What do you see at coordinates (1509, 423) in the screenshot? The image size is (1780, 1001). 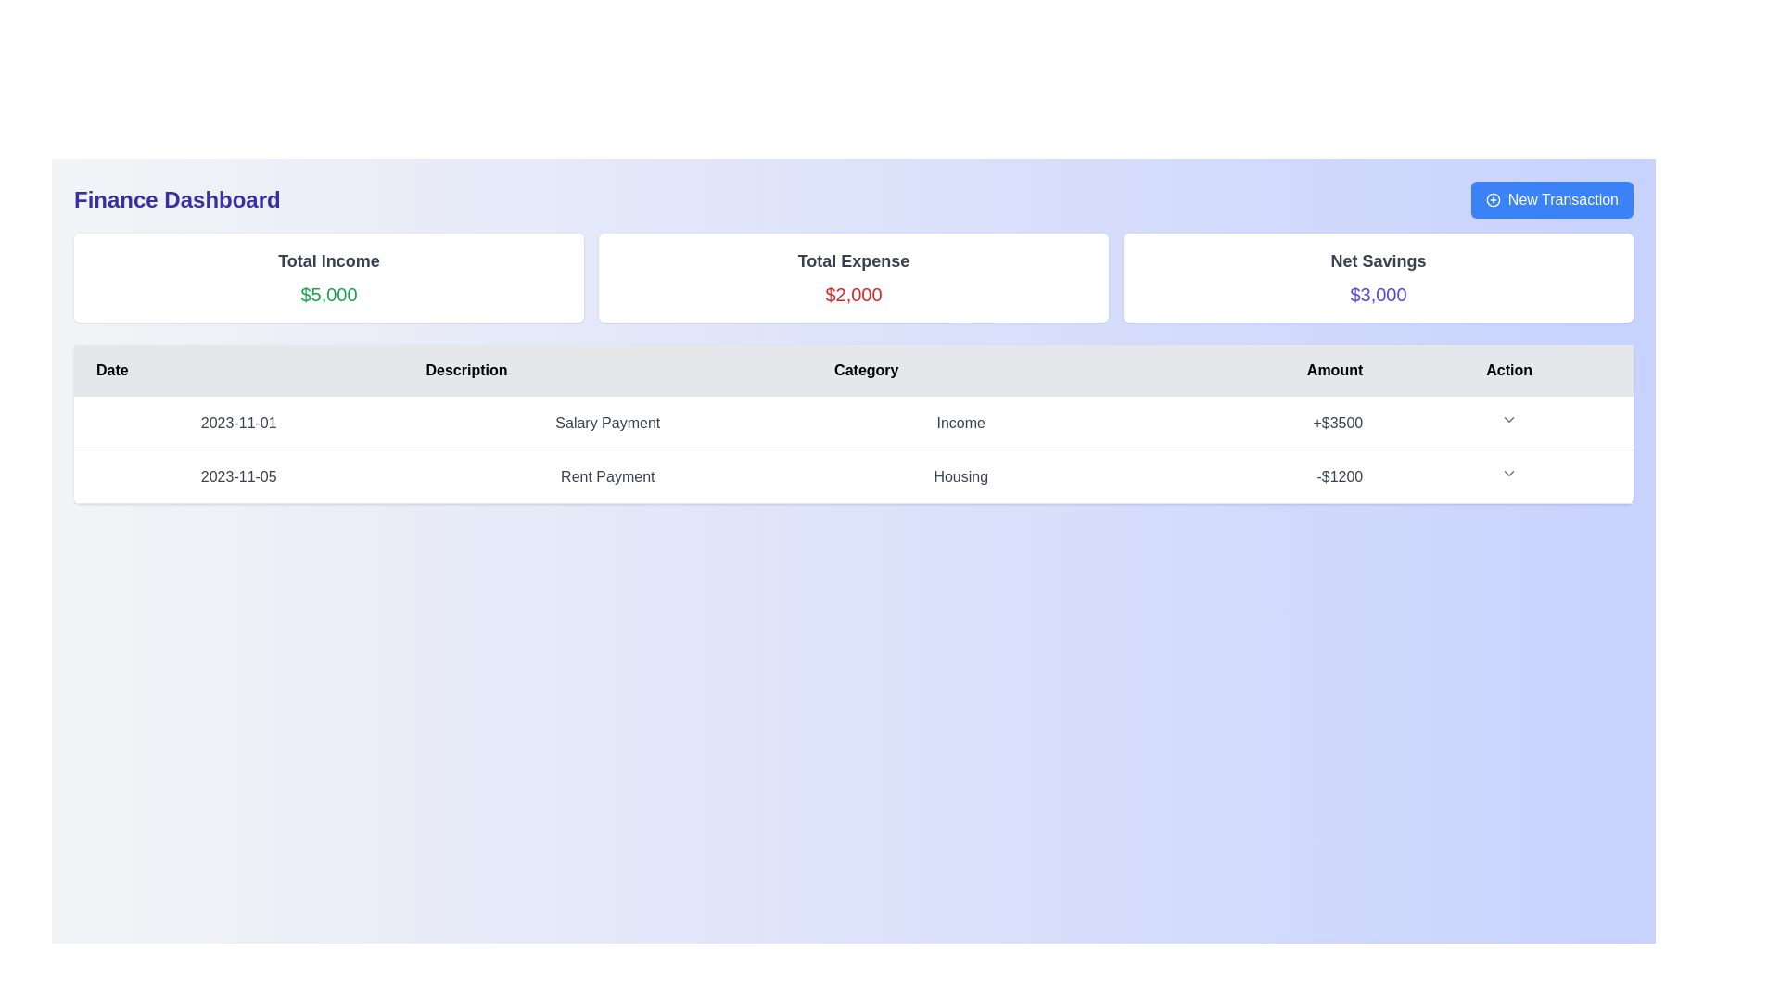 I see `the Dropdown trigger icon in the 'Action' column for the financial entry of '2023-11-01', 'Salary Payment', 'Income', and '+$3500'` at bounding box center [1509, 423].